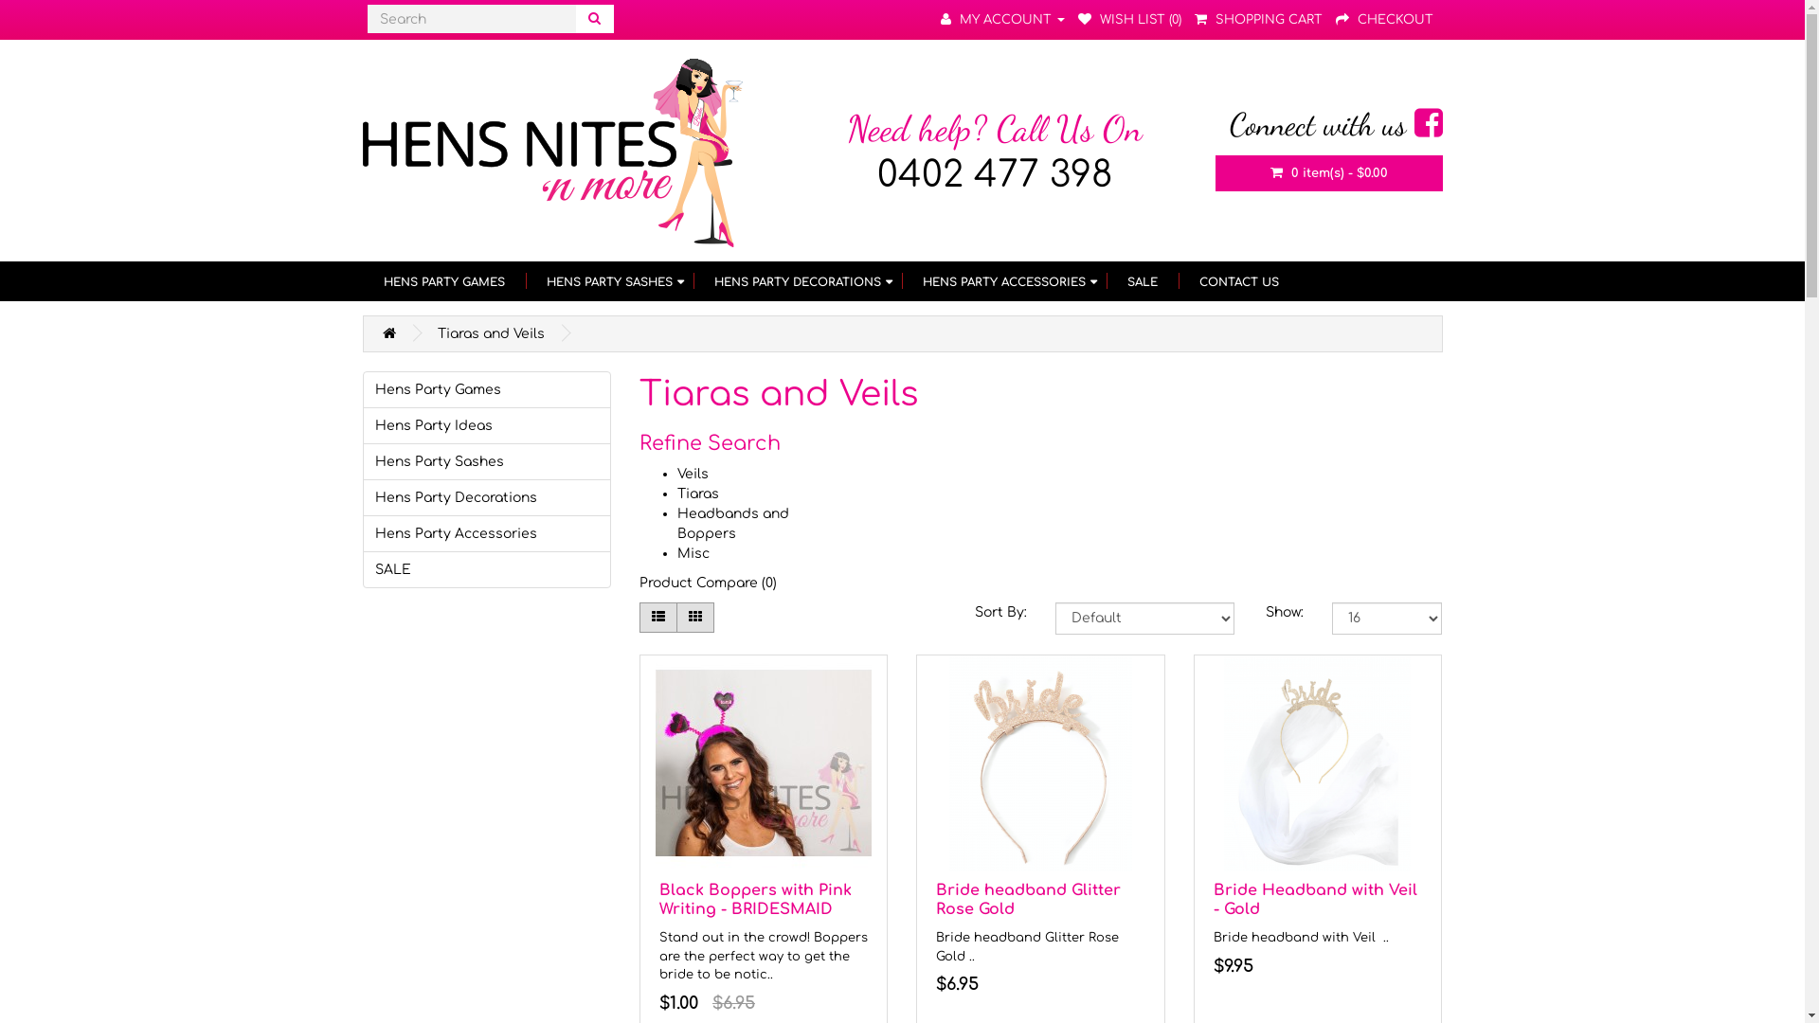 The width and height of the screenshot is (1819, 1023). What do you see at coordinates (707, 582) in the screenshot?
I see `'Product Compare (0)'` at bounding box center [707, 582].